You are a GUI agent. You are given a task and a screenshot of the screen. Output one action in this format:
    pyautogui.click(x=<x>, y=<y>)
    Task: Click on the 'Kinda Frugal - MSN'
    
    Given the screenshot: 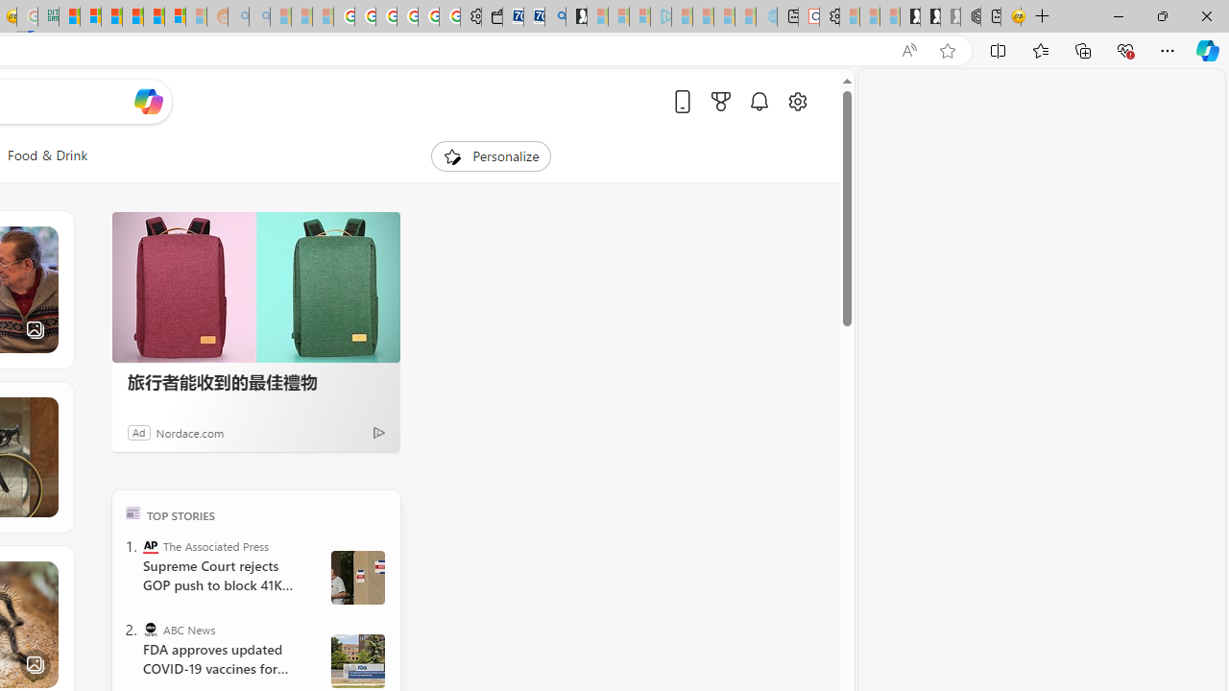 What is the action you would take?
    pyautogui.click(x=154, y=16)
    